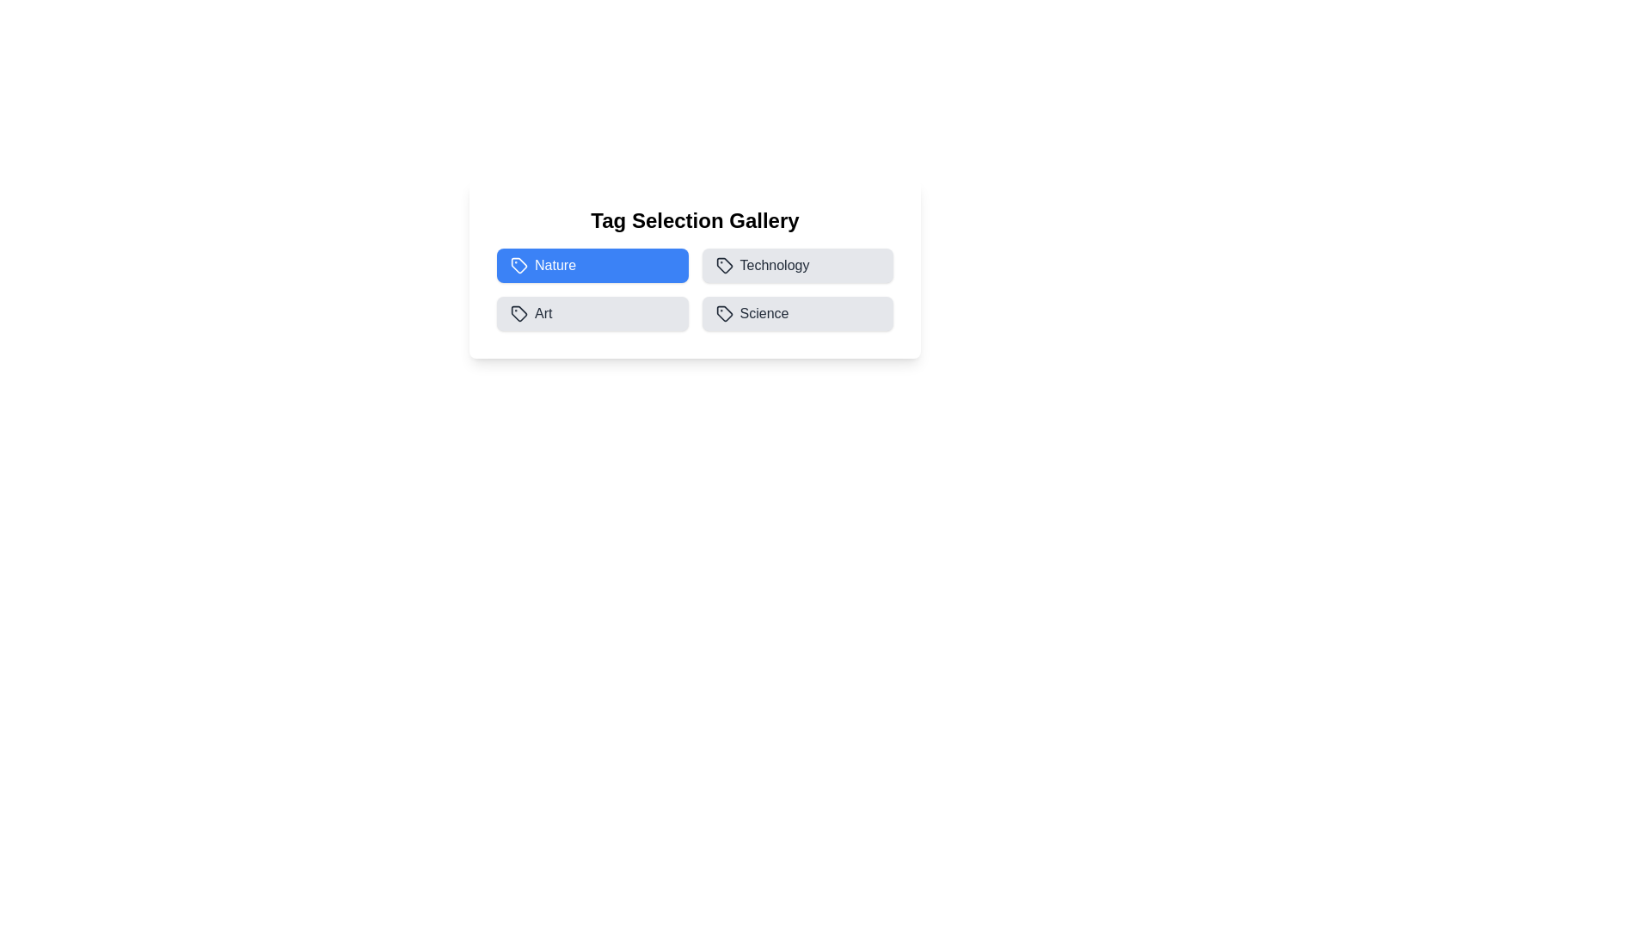 The height and width of the screenshot is (929, 1651). I want to click on the tag labeled Nature, so click(592, 265).